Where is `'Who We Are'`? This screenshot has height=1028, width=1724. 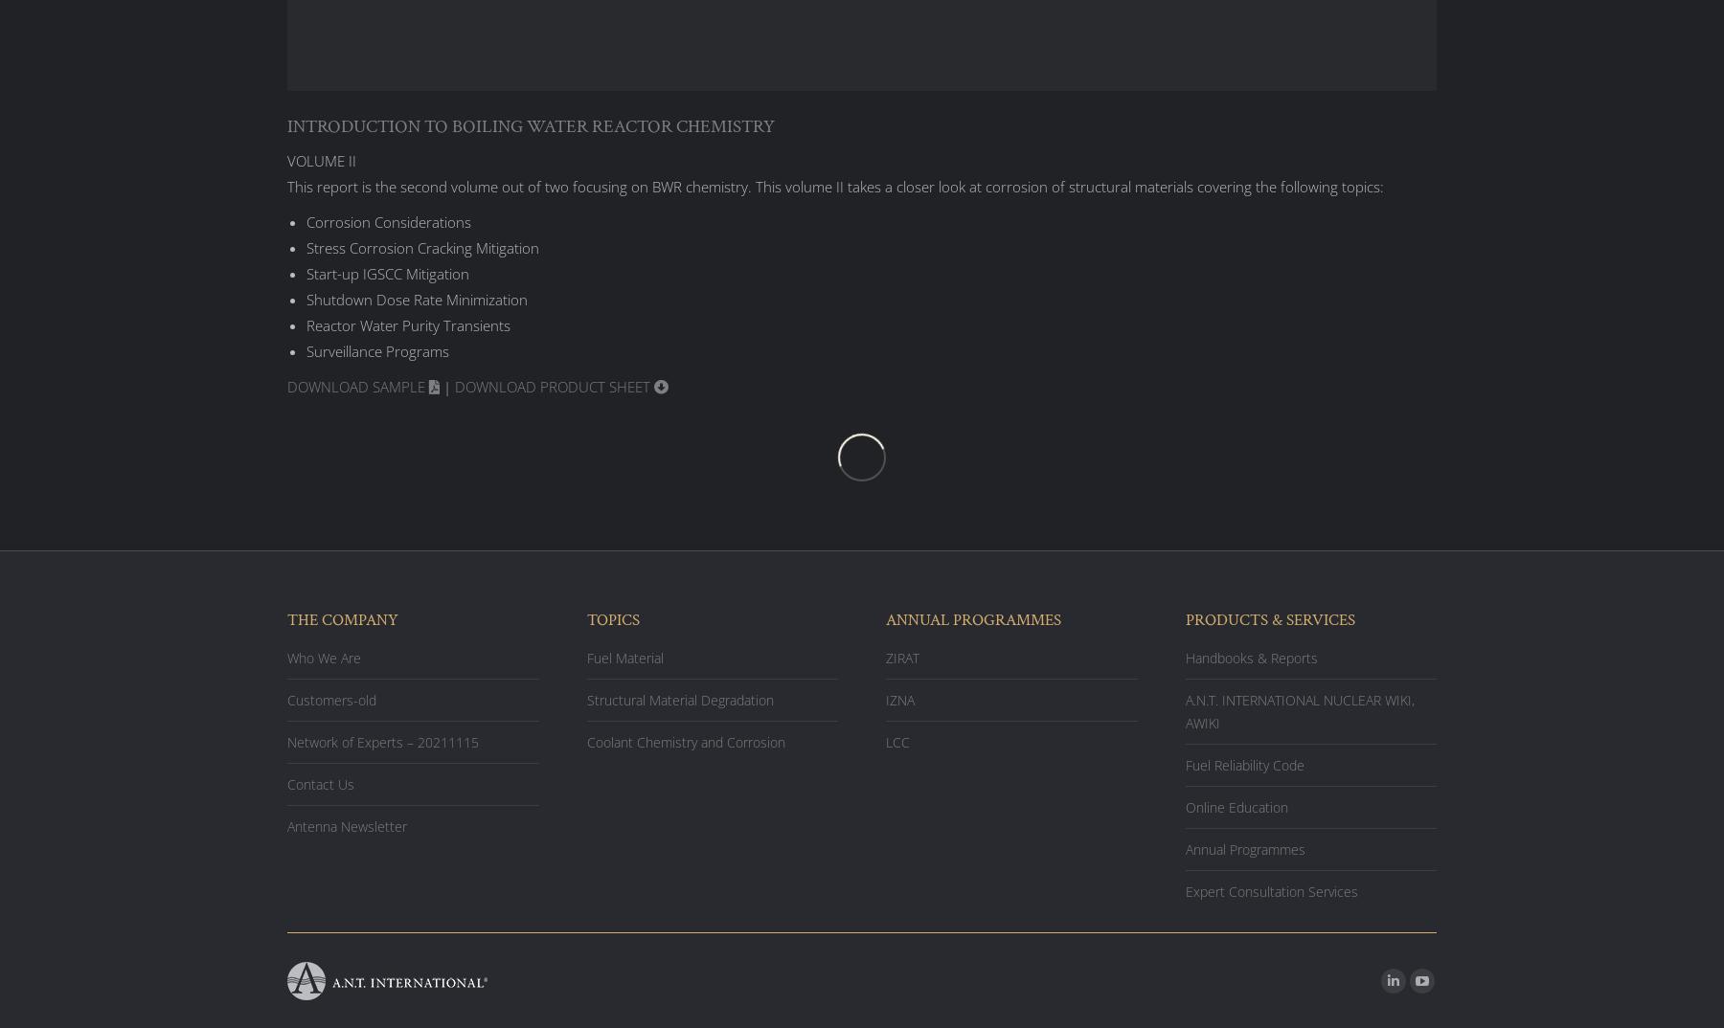
'Who We Are' is located at coordinates (324, 656).